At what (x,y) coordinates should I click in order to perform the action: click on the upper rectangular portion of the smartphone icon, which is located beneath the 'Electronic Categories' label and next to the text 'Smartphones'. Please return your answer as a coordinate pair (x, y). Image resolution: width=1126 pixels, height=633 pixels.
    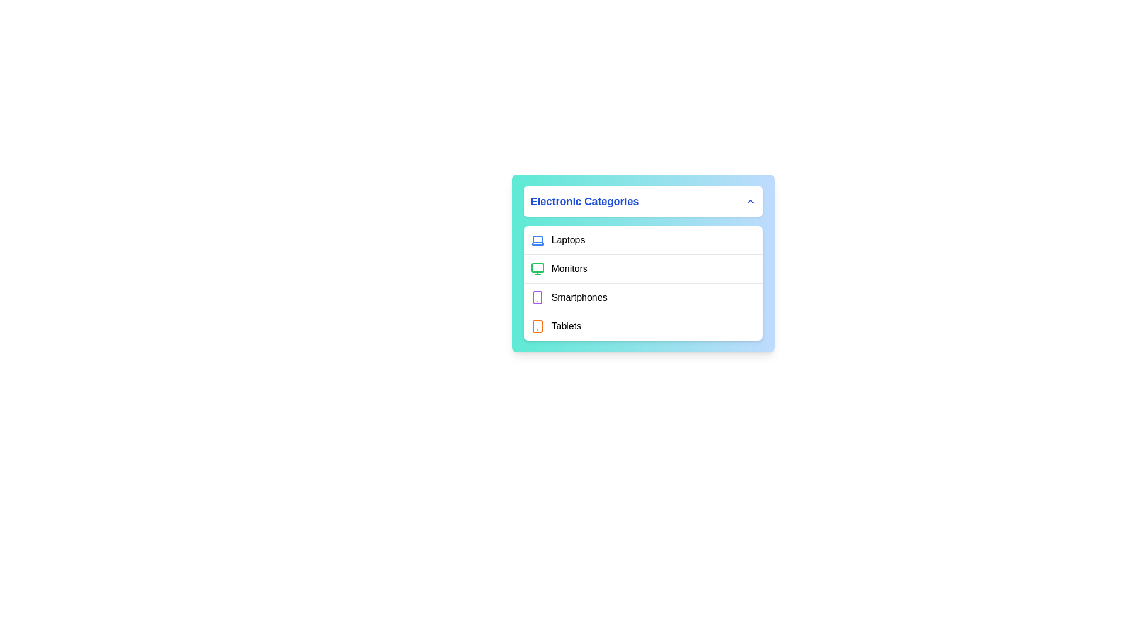
    Looking at the image, I should click on (537, 297).